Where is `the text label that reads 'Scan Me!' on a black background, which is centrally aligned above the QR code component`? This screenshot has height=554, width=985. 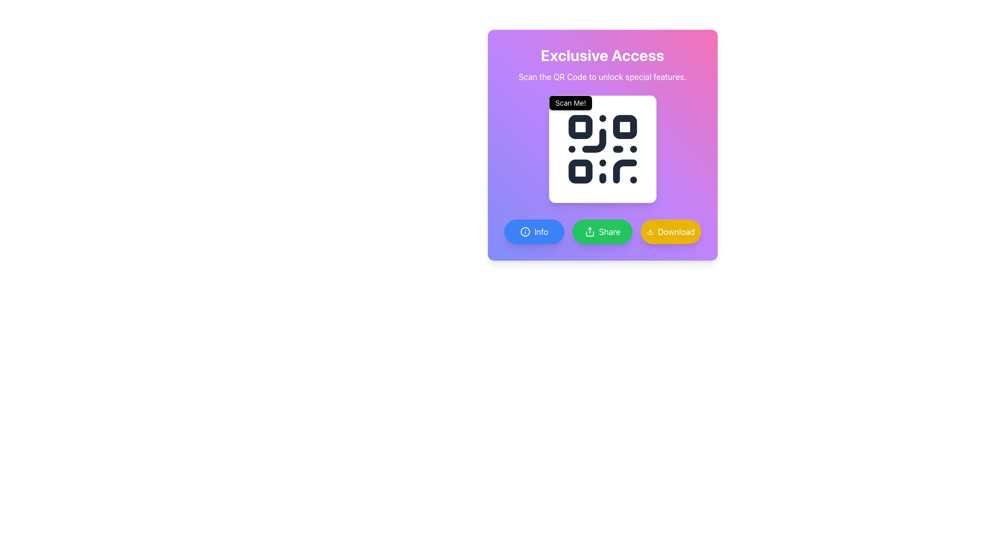 the text label that reads 'Scan Me!' on a black background, which is centrally aligned above the QR code component is located at coordinates (570, 103).